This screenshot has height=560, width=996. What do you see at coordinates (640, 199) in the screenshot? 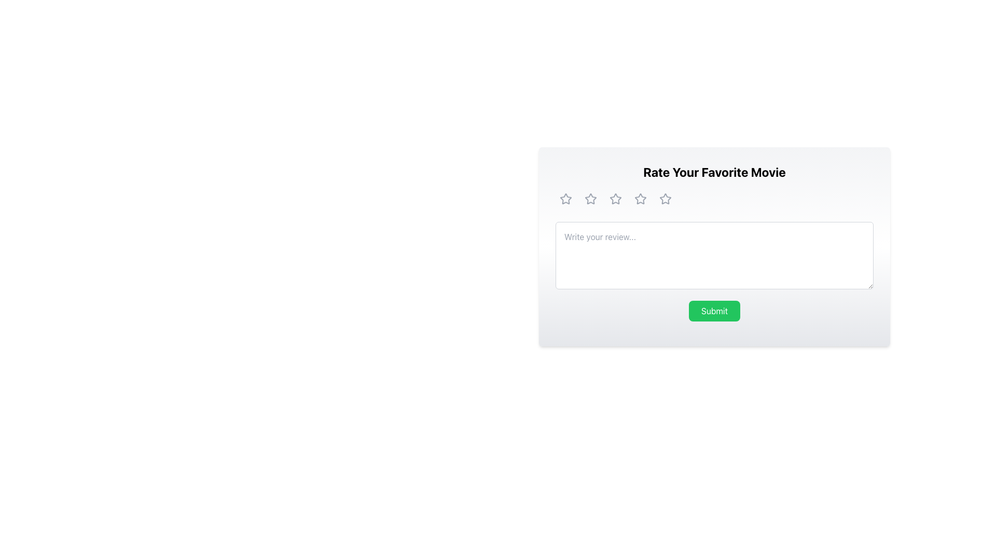
I see `the fourth star icon in the horizontal row of five star icons` at bounding box center [640, 199].